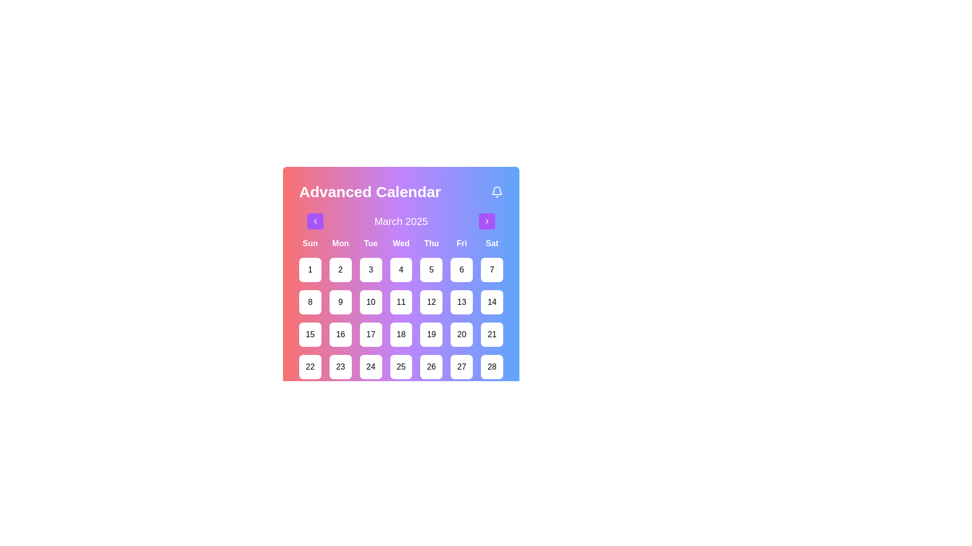  What do you see at coordinates (431, 269) in the screenshot?
I see `the calendar day block element displaying the numeric '5'` at bounding box center [431, 269].